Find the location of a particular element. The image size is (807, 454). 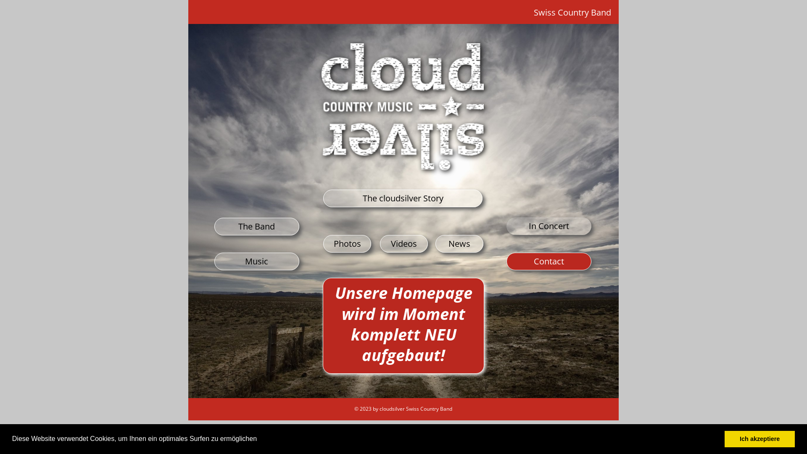

'Ich akzeptiere' is located at coordinates (724, 438).